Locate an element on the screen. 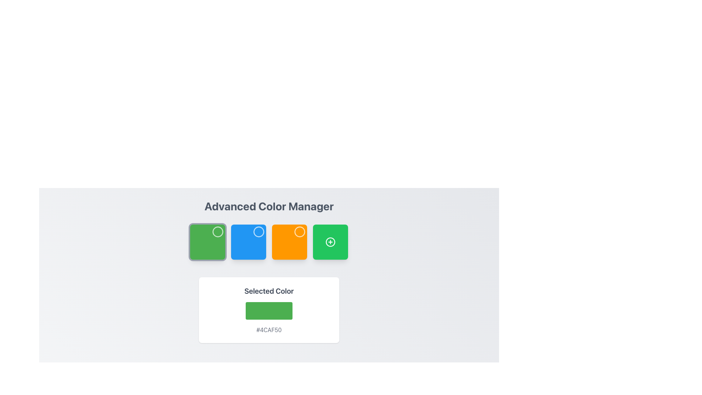  the green square color selection box with rounded corners and a white outlined circle in the upper-right corner to highlight it is located at coordinates (207, 242).